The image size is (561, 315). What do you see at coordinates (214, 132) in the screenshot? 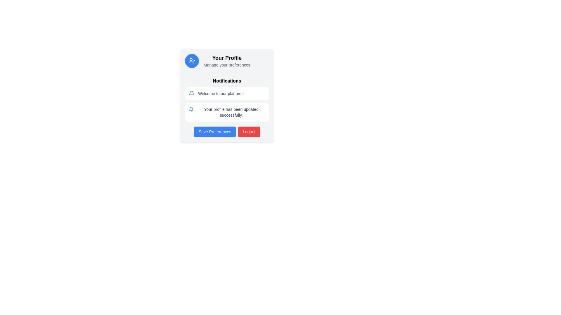
I see `the 'Save Preferences' button located at the bottom center of the interface within the 'Your Profile' card, which is the leftmost button next to the 'Logout' button` at bounding box center [214, 132].